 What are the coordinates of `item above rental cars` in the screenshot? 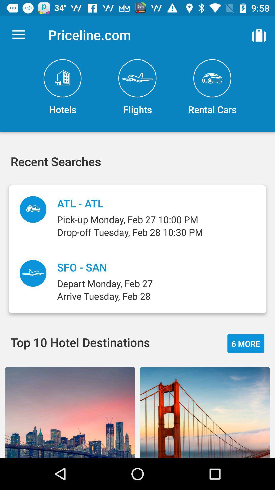 It's located at (259, 34).